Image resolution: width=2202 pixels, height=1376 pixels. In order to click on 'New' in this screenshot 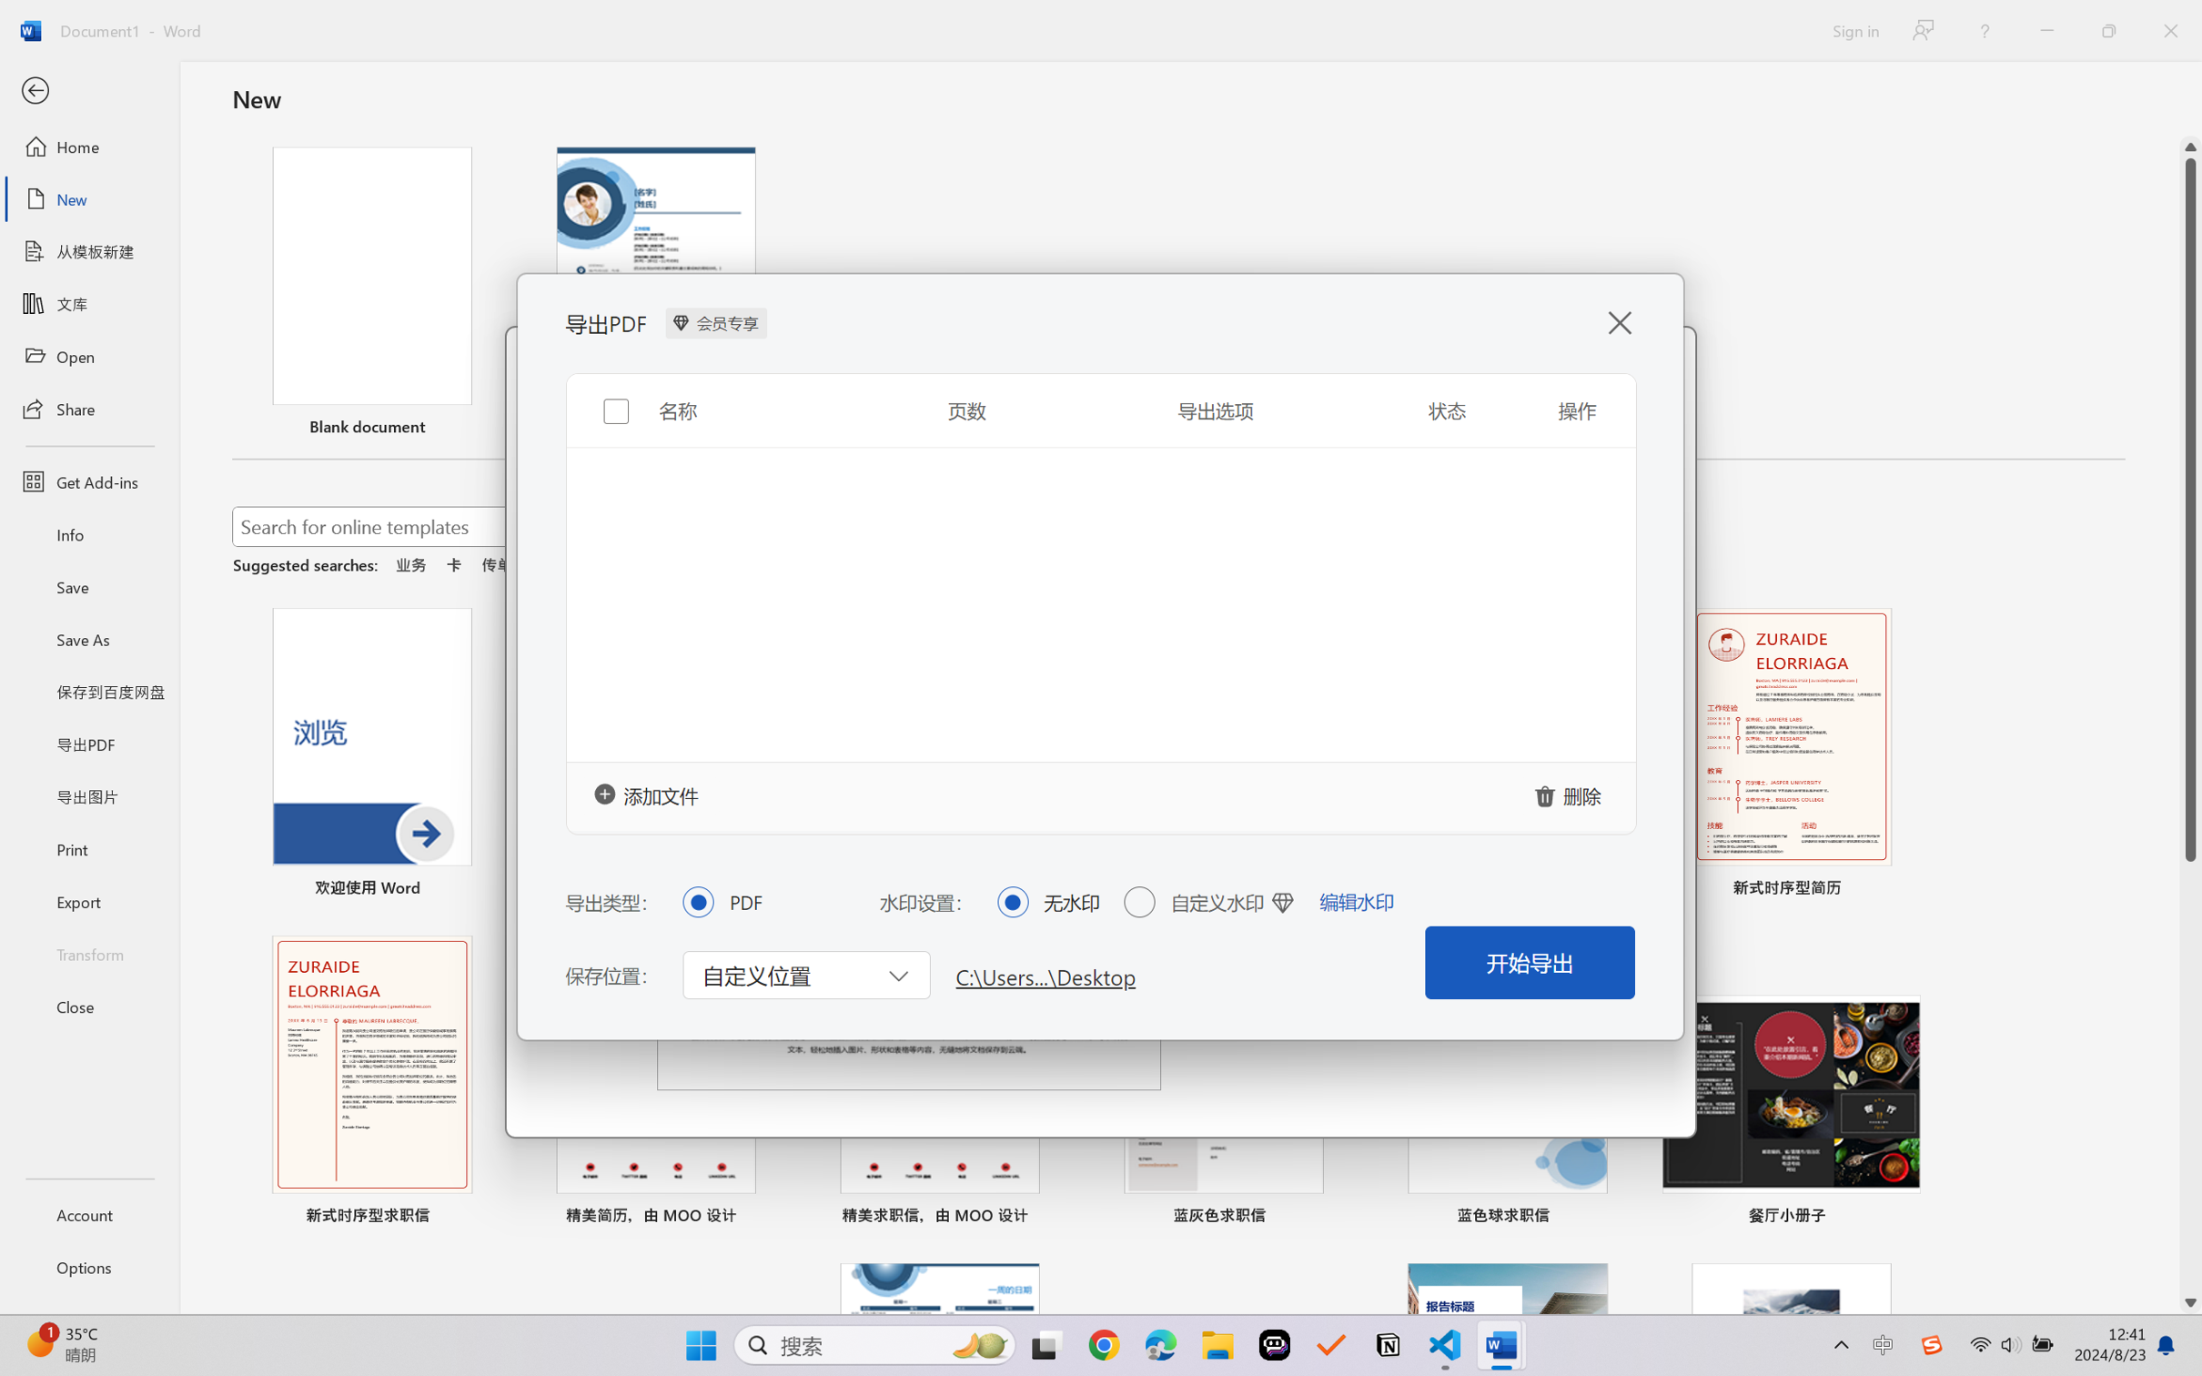, I will do `click(88, 197)`.